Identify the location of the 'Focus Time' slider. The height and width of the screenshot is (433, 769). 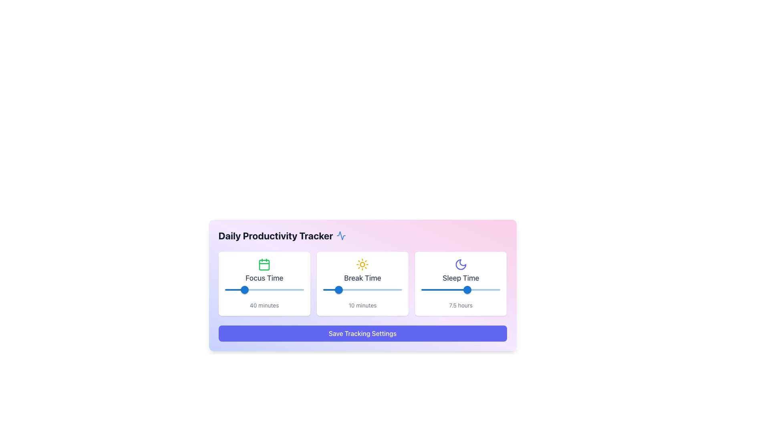
(219, 289).